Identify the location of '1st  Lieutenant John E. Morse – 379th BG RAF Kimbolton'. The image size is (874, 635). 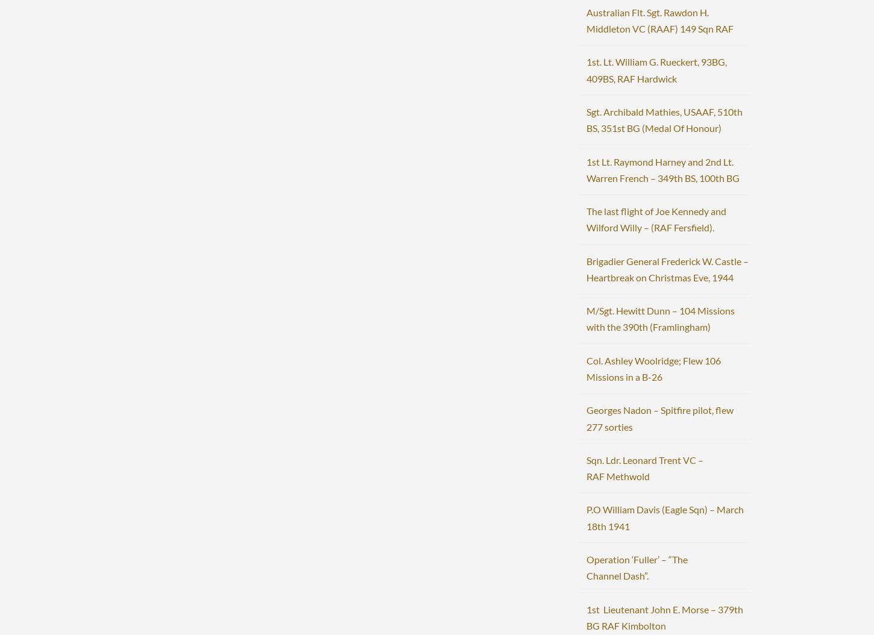
(664, 616).